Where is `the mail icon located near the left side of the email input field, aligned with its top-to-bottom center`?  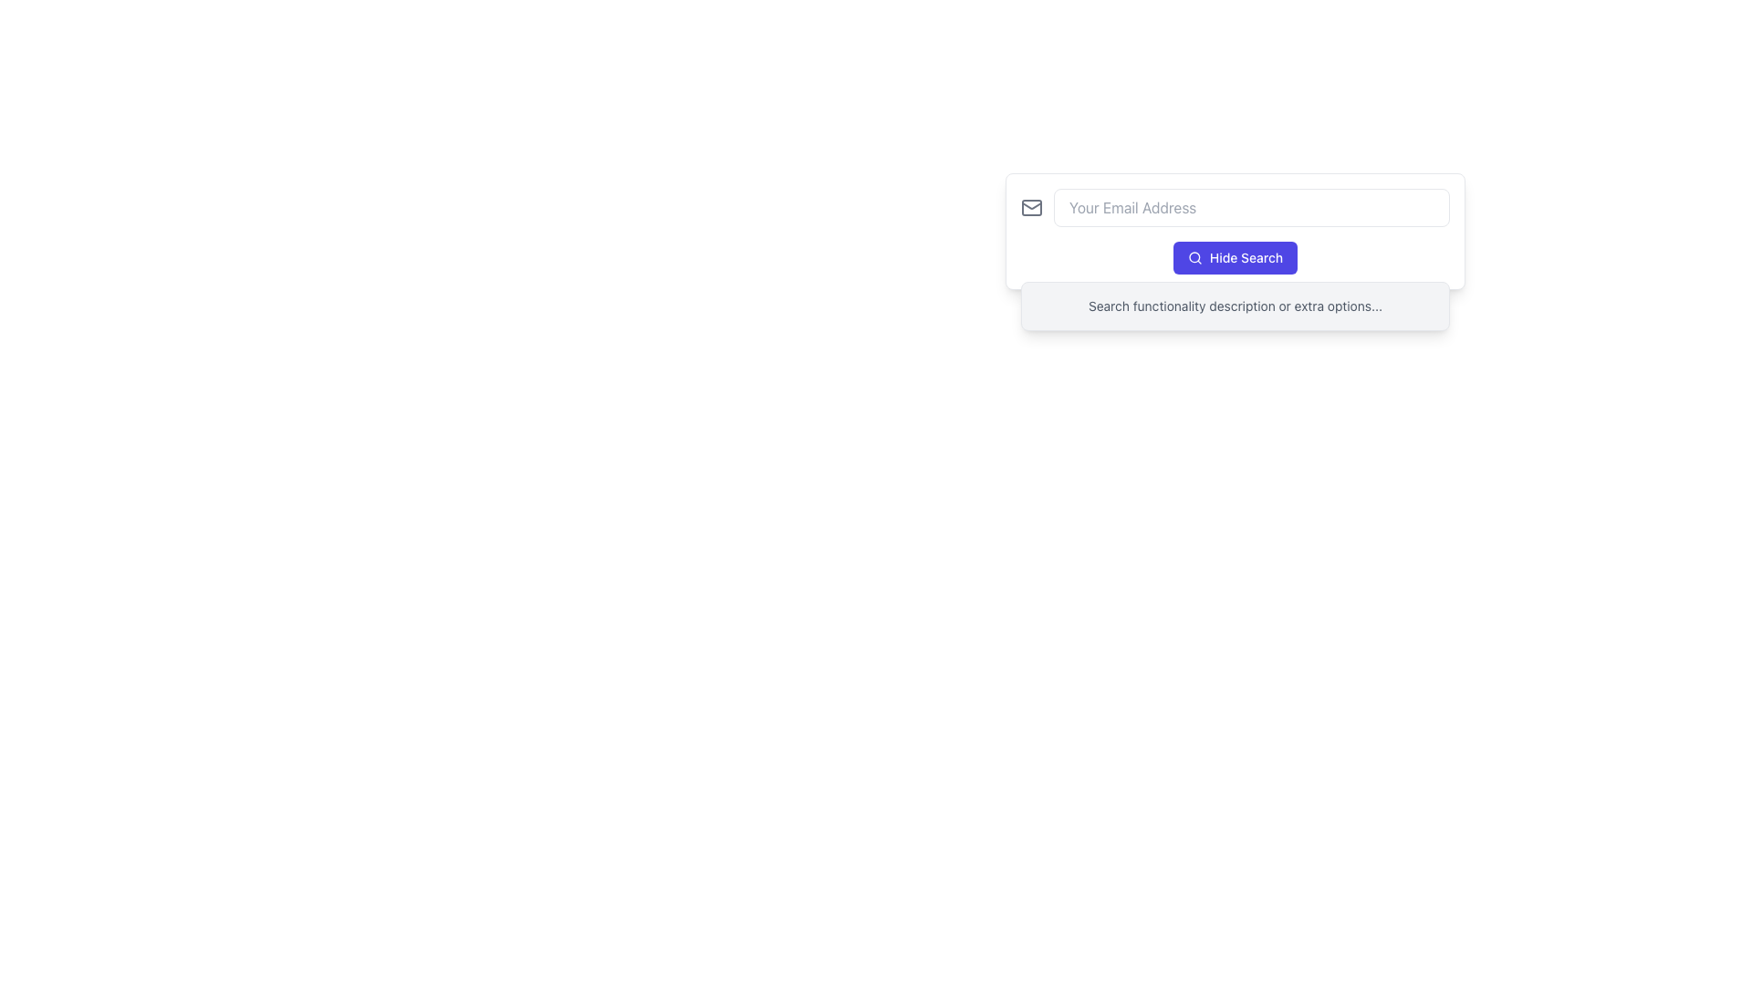
the mail icon located near the left side of the email input field, aligned with its top-to-bottom center is located at coordinates (1032, 204).